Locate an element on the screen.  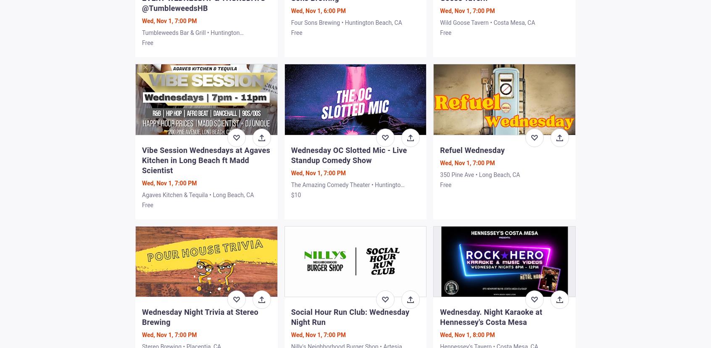
'Wednesday. Night Karaoke at Hennessey's Costa Mesa' is located at coordinates (490, 316).